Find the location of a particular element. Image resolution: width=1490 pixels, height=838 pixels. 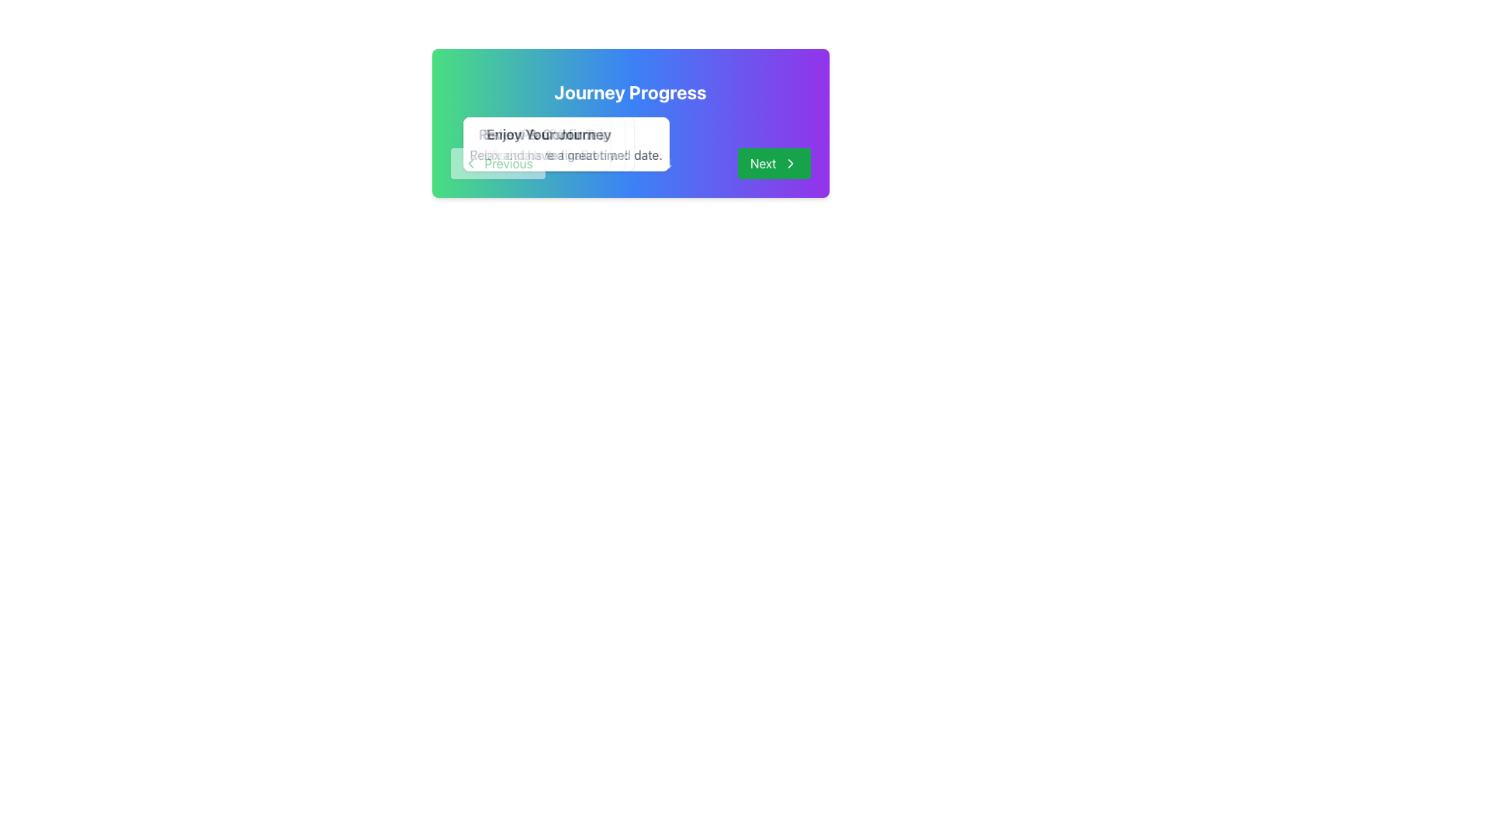

the 'Next' button, which includes a rightward-pointing chevron icon is located at coordinates (790, 164).